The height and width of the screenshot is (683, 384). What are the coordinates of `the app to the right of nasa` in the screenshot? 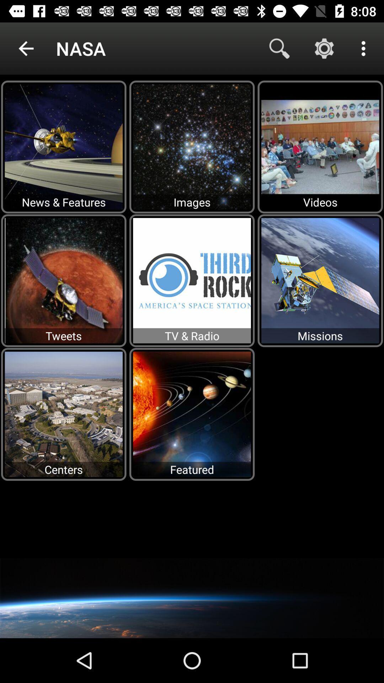 It's located at (279, 48).